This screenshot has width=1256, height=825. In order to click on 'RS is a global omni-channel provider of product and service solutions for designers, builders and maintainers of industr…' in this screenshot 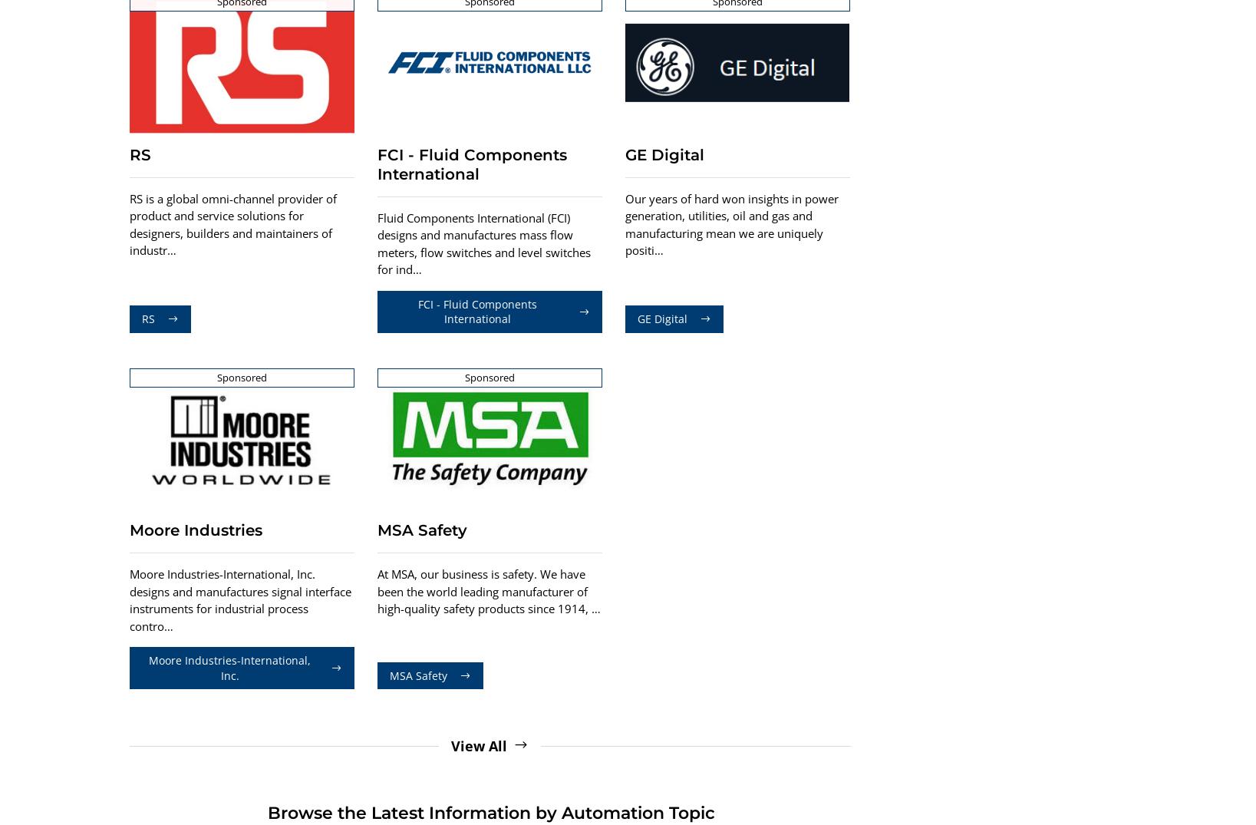, I will do `click(232, 223)`.